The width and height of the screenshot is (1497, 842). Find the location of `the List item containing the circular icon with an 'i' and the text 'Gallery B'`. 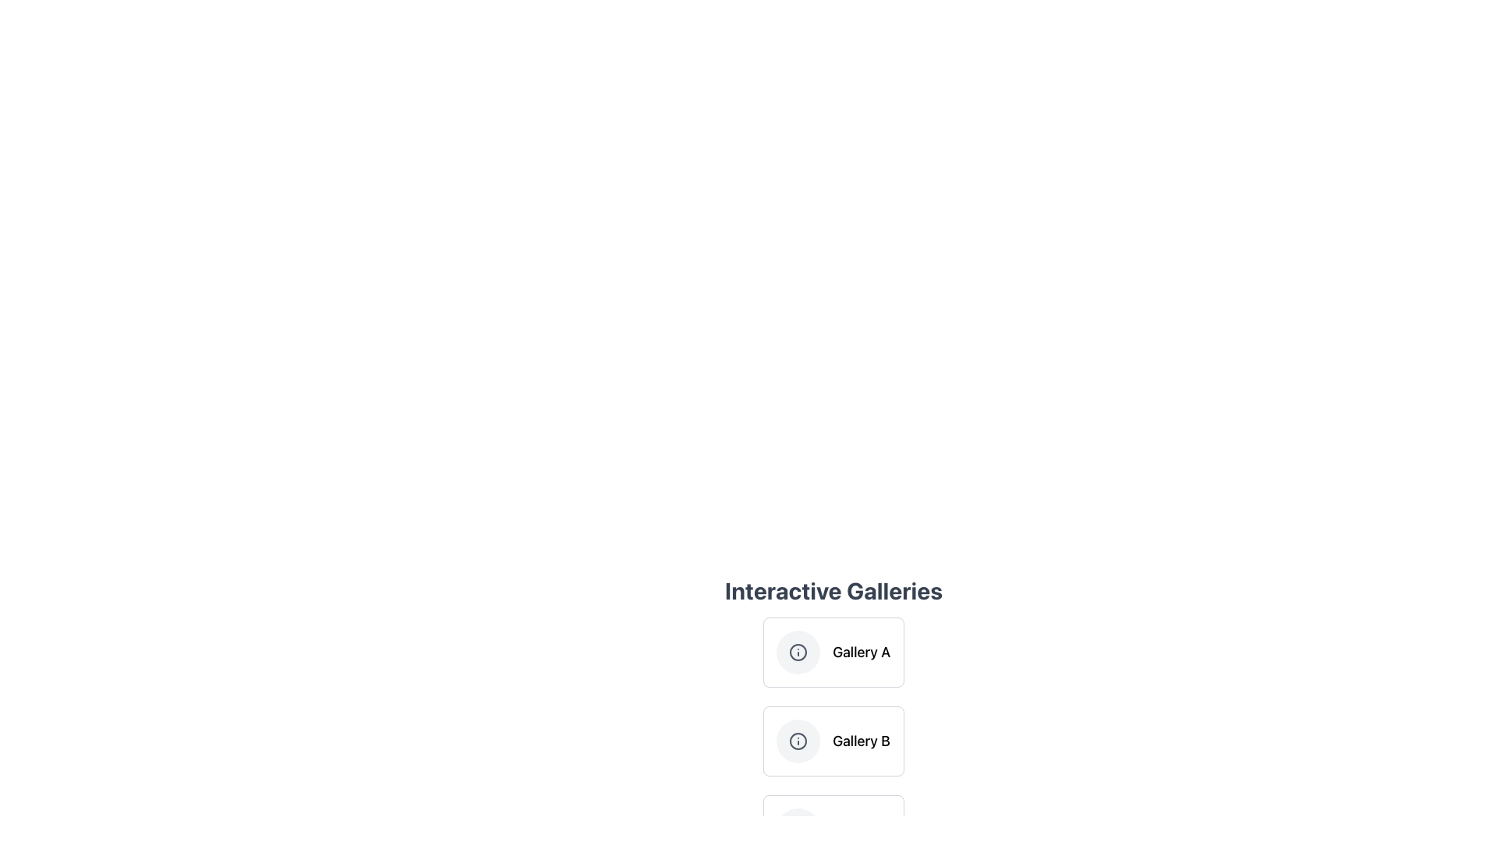

the List item containing the circular icon with an 'i' and the text 'Gallery B' is located at coordinates (833, 741).